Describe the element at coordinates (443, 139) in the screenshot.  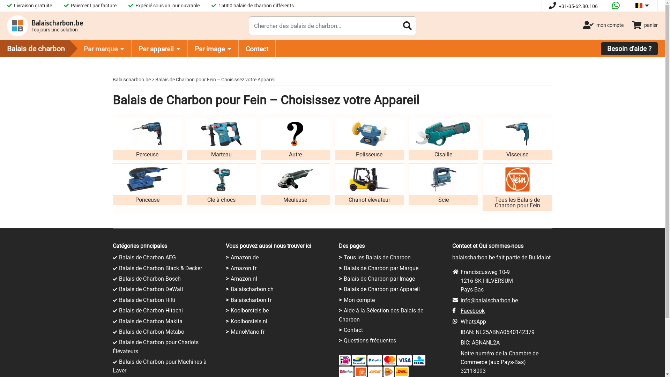
I see `'Cisaille'` at that location.